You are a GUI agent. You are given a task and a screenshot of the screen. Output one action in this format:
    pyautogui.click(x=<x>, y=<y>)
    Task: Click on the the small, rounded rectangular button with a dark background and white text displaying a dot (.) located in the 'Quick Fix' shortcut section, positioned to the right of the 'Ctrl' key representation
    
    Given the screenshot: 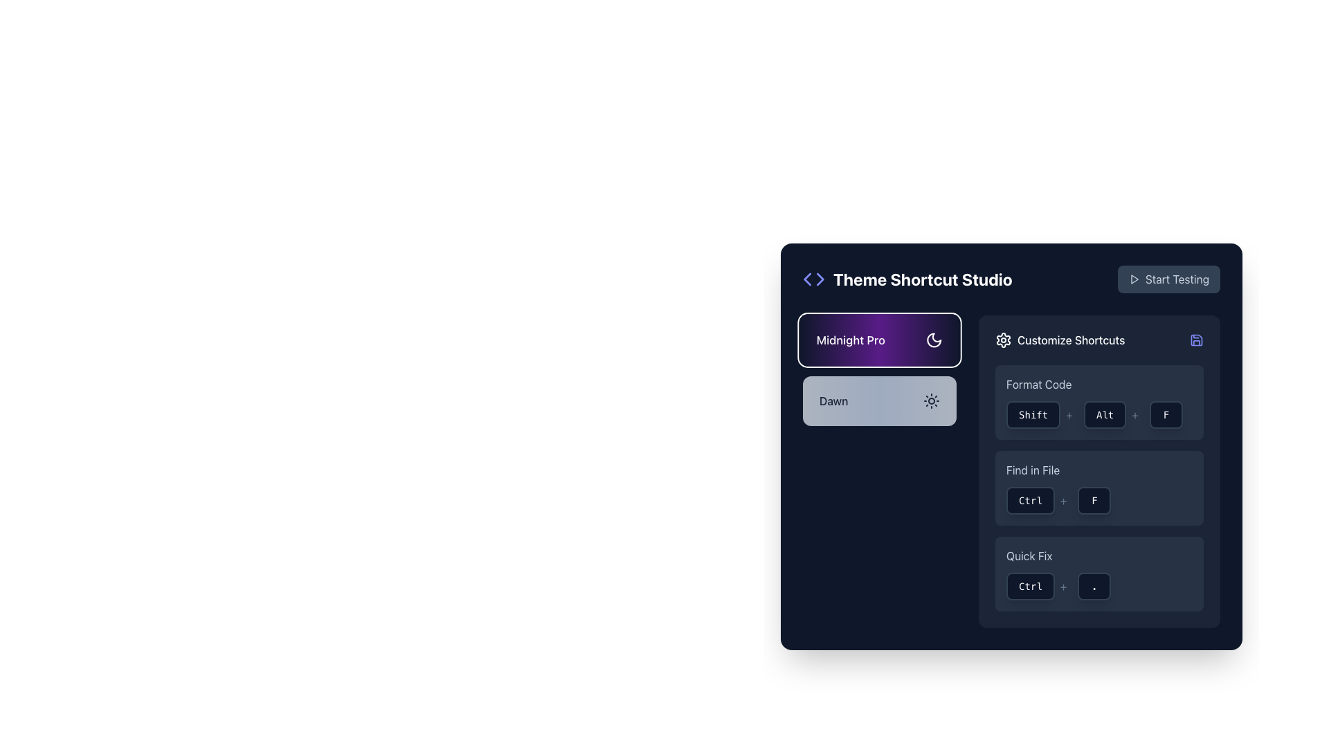 What is the action you would take?
    pyautogui.click(x=1094, y=587)
    